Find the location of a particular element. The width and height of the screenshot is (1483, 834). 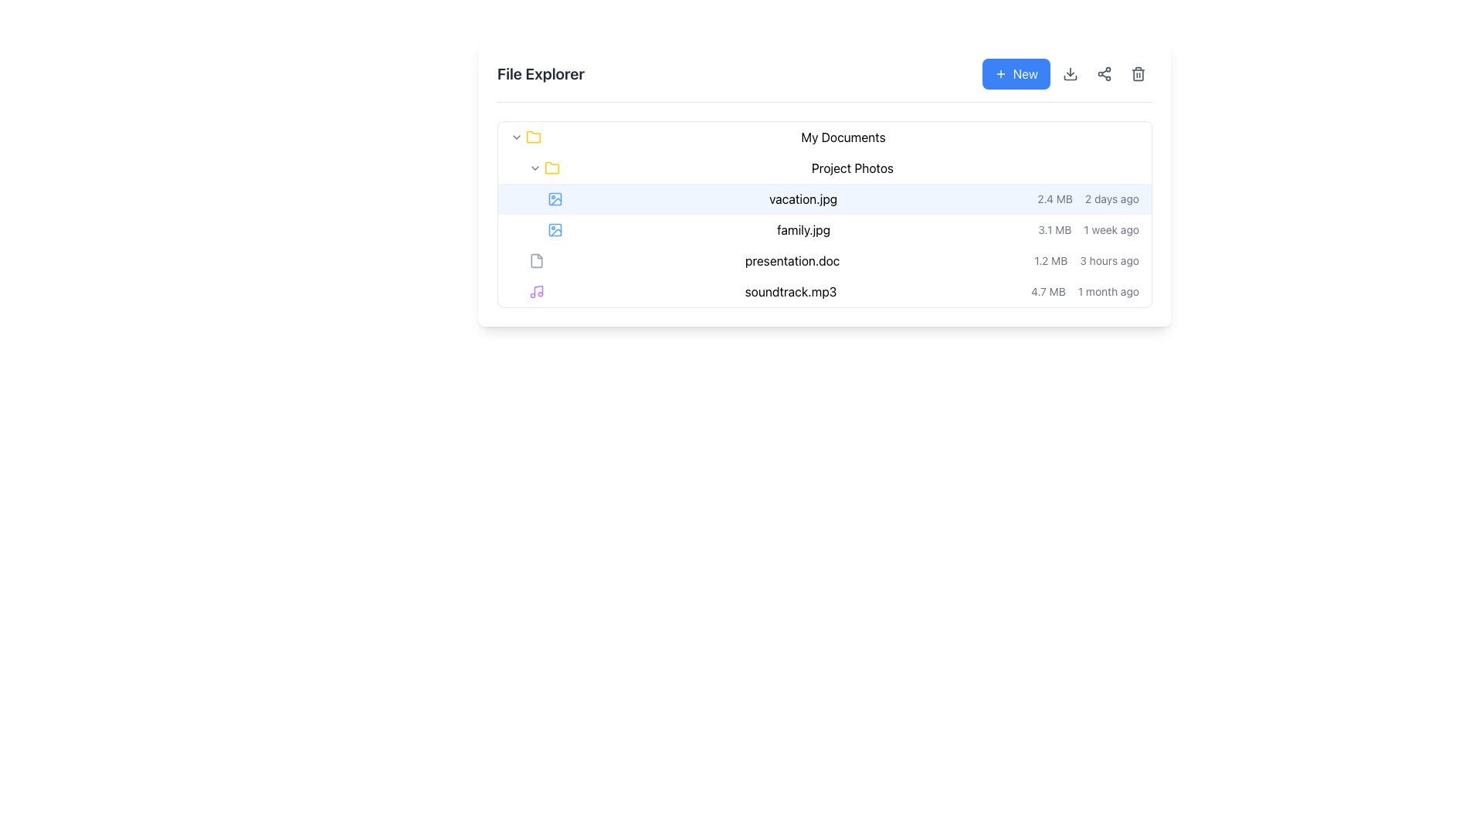

the static text label displaying the timestamp '1 week ago', which is located to the far right of the row containing details for the file 'family.jpg' is located at coordinates (1111, 229).